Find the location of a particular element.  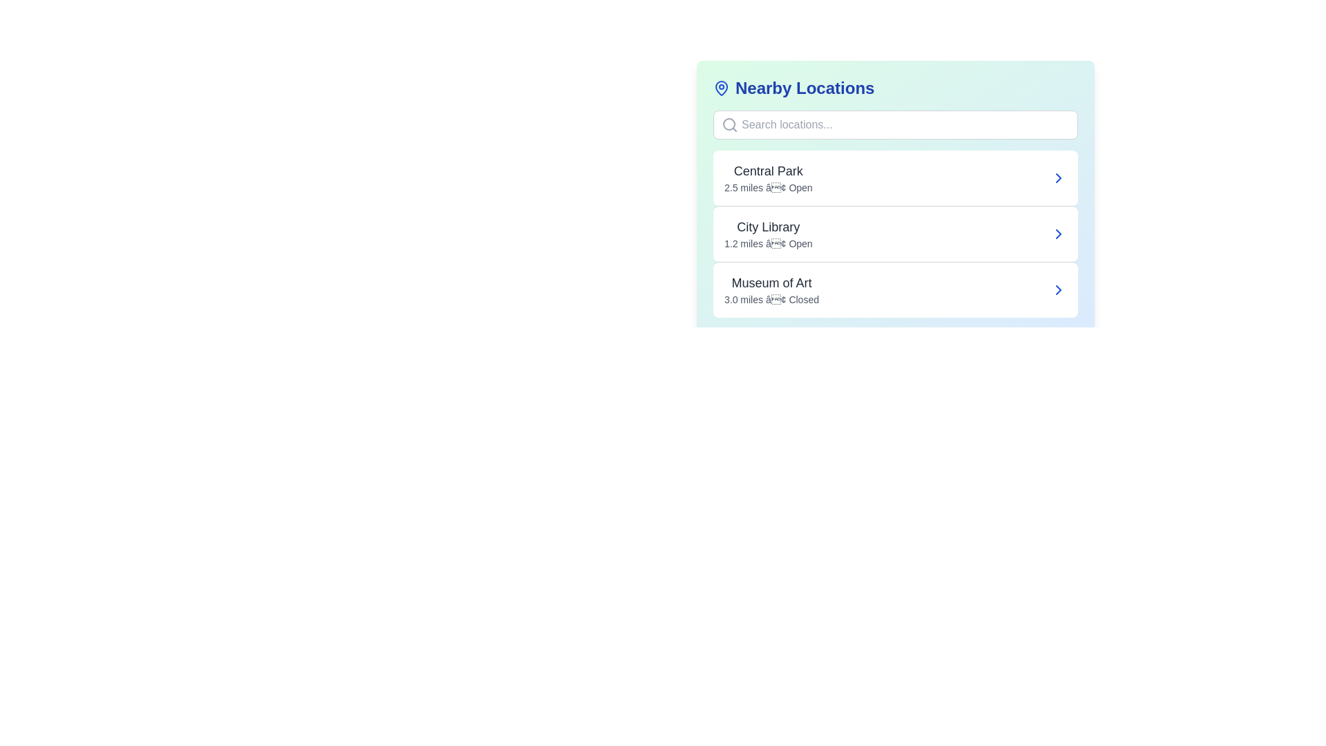

the header titled 'Nearby Locations' which is styled with a bold, large blue font and features a map pin icon on the left for accessibility purposes is located at coordinates (895, 88).